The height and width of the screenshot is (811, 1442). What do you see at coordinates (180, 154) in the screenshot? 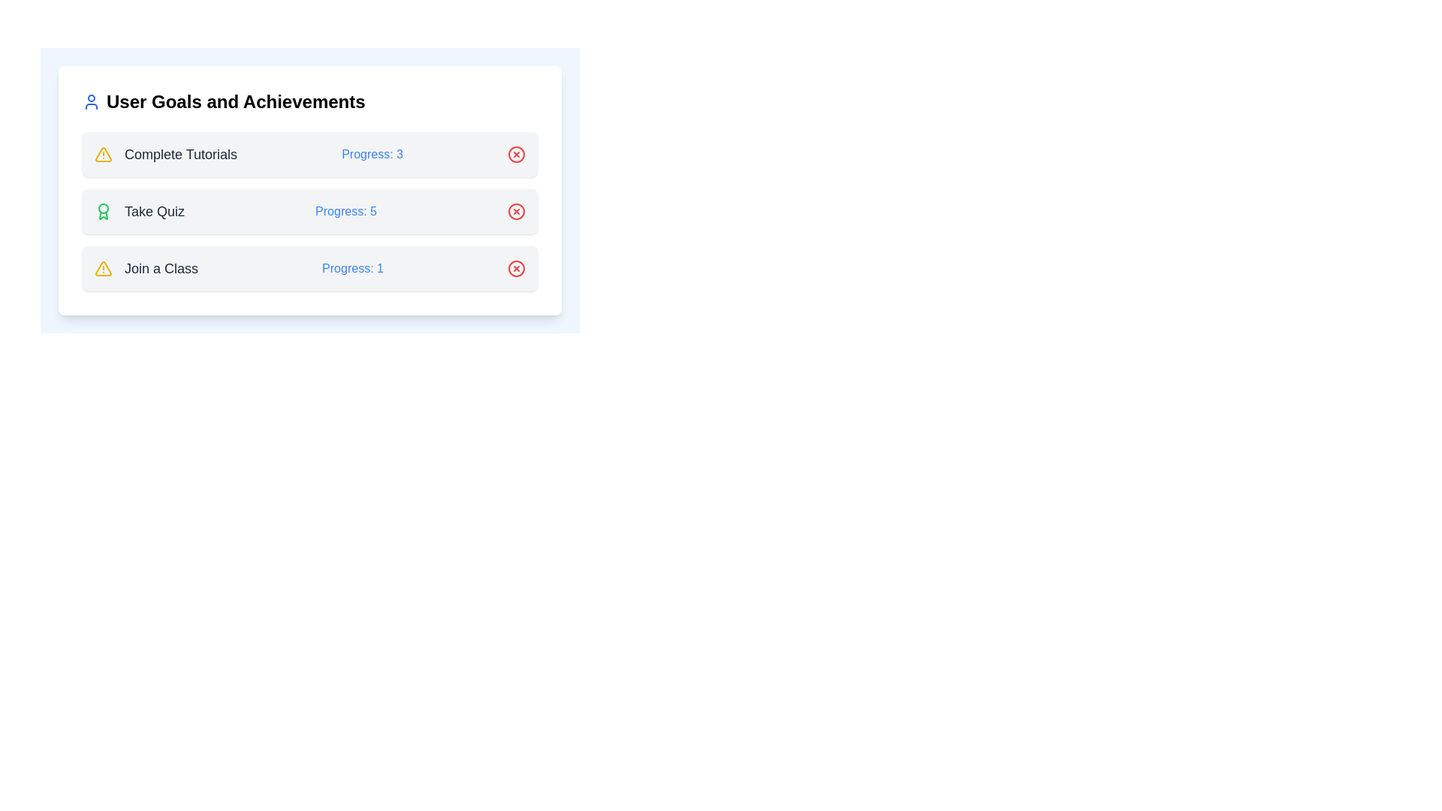
I see `the text element labeled 'Complete Tutorials', which is bold and dark gray, positioned to the right of a warning icon in the 'User Goals and Achievements' card` at bounding box center [180, 154].